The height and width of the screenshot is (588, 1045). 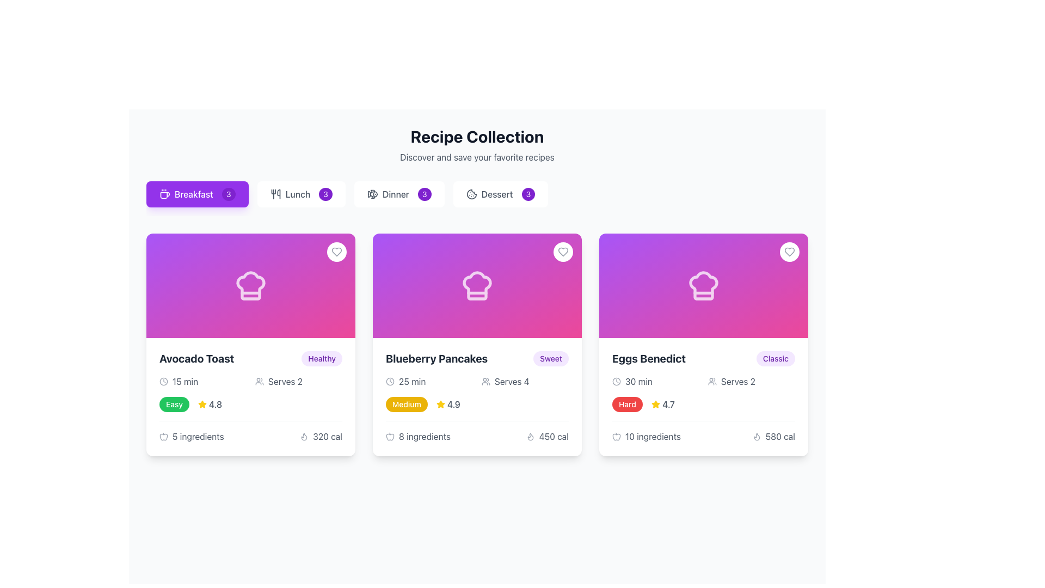 I want to click on the heart-shaped icon in the top-right corner of the 'Blueberry Pancakes' recipe card to favorite the item, so click(x=563, y=252).